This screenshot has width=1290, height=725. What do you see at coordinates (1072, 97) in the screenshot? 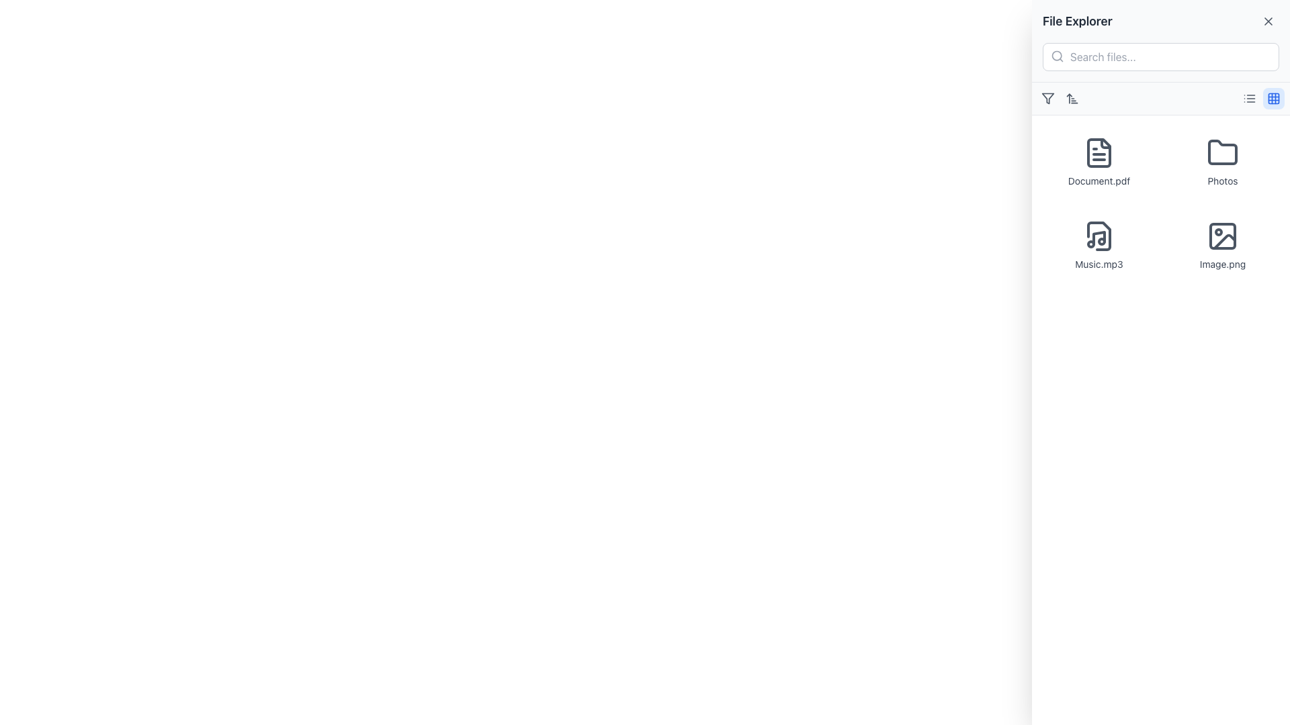
I see `the sorting icon located in the upper-right section of the menu bar to sort items in ascending order` at bounding box center [1072, 97].